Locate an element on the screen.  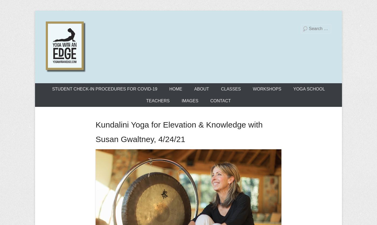
'CLASSES' is located at coordinates (231, 89).